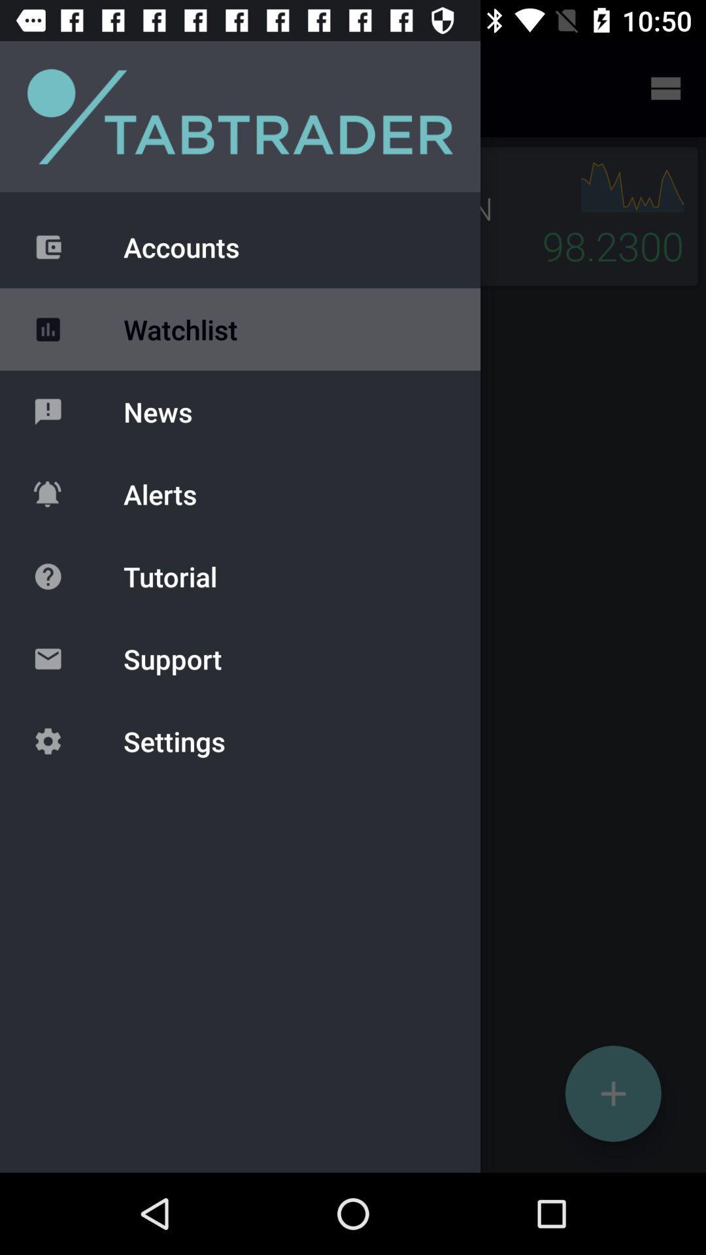 Image resolution: width=706 pixels, height=1255 pixels. I want to click on the add icon, so click(613, 1094).